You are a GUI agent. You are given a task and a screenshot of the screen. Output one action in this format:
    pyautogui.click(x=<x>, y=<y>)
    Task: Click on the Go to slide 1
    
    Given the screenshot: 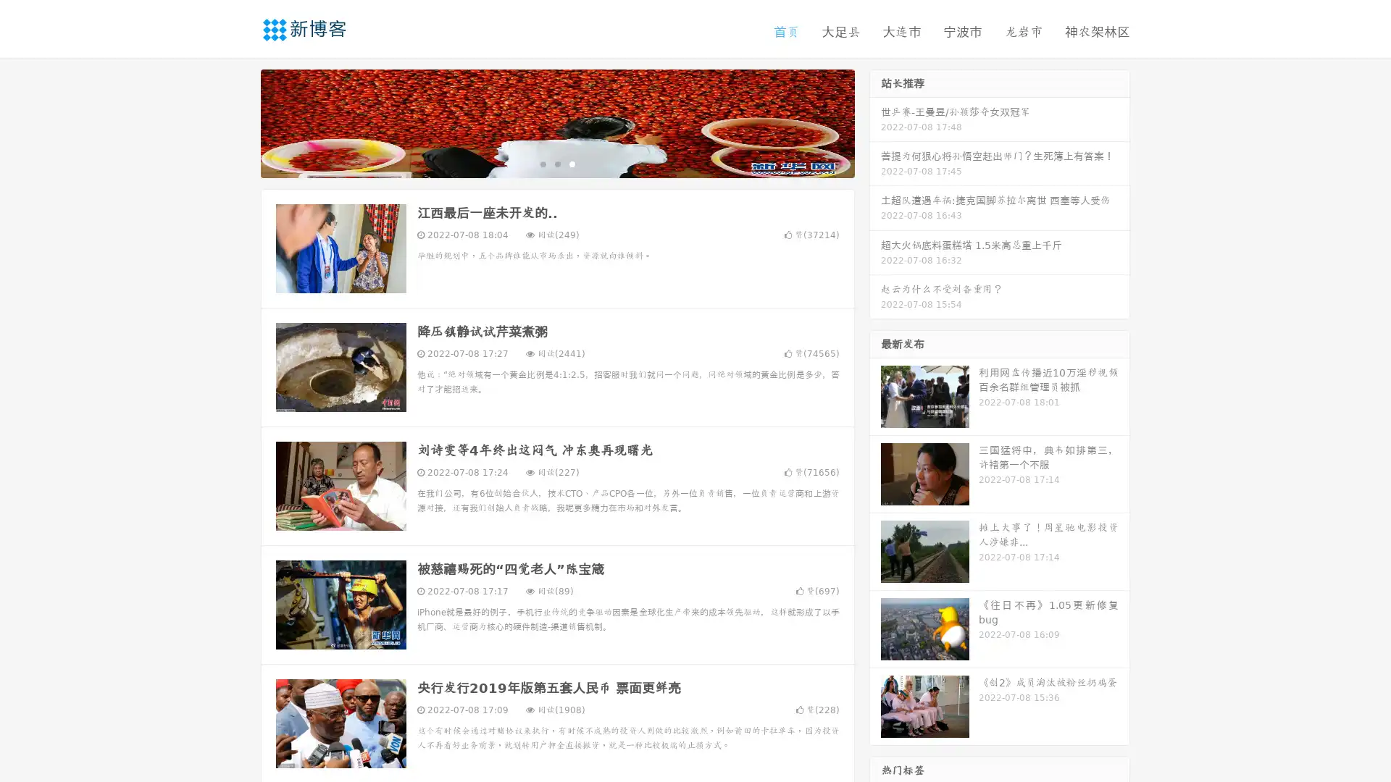 What is the action you would take?
    pyautogui.click(x=542, y=163)
    